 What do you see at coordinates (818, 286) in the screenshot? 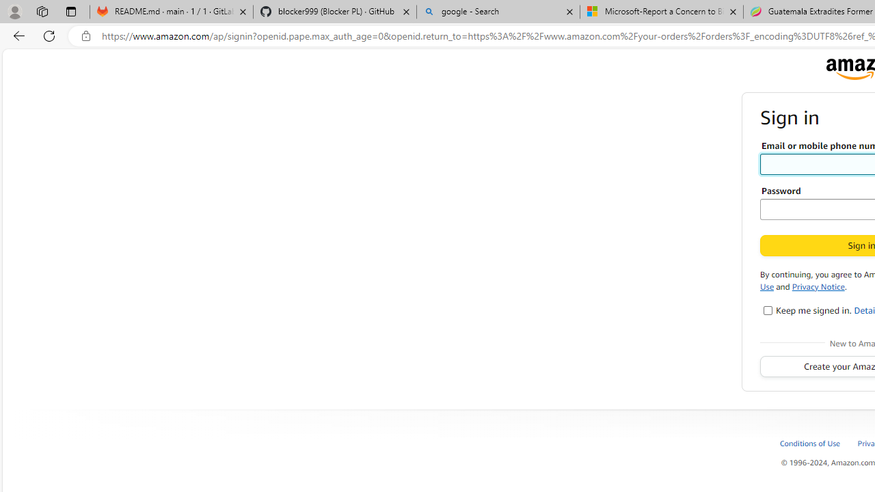
I see `'Privacy Notice'` at bounding box center [818, 286].